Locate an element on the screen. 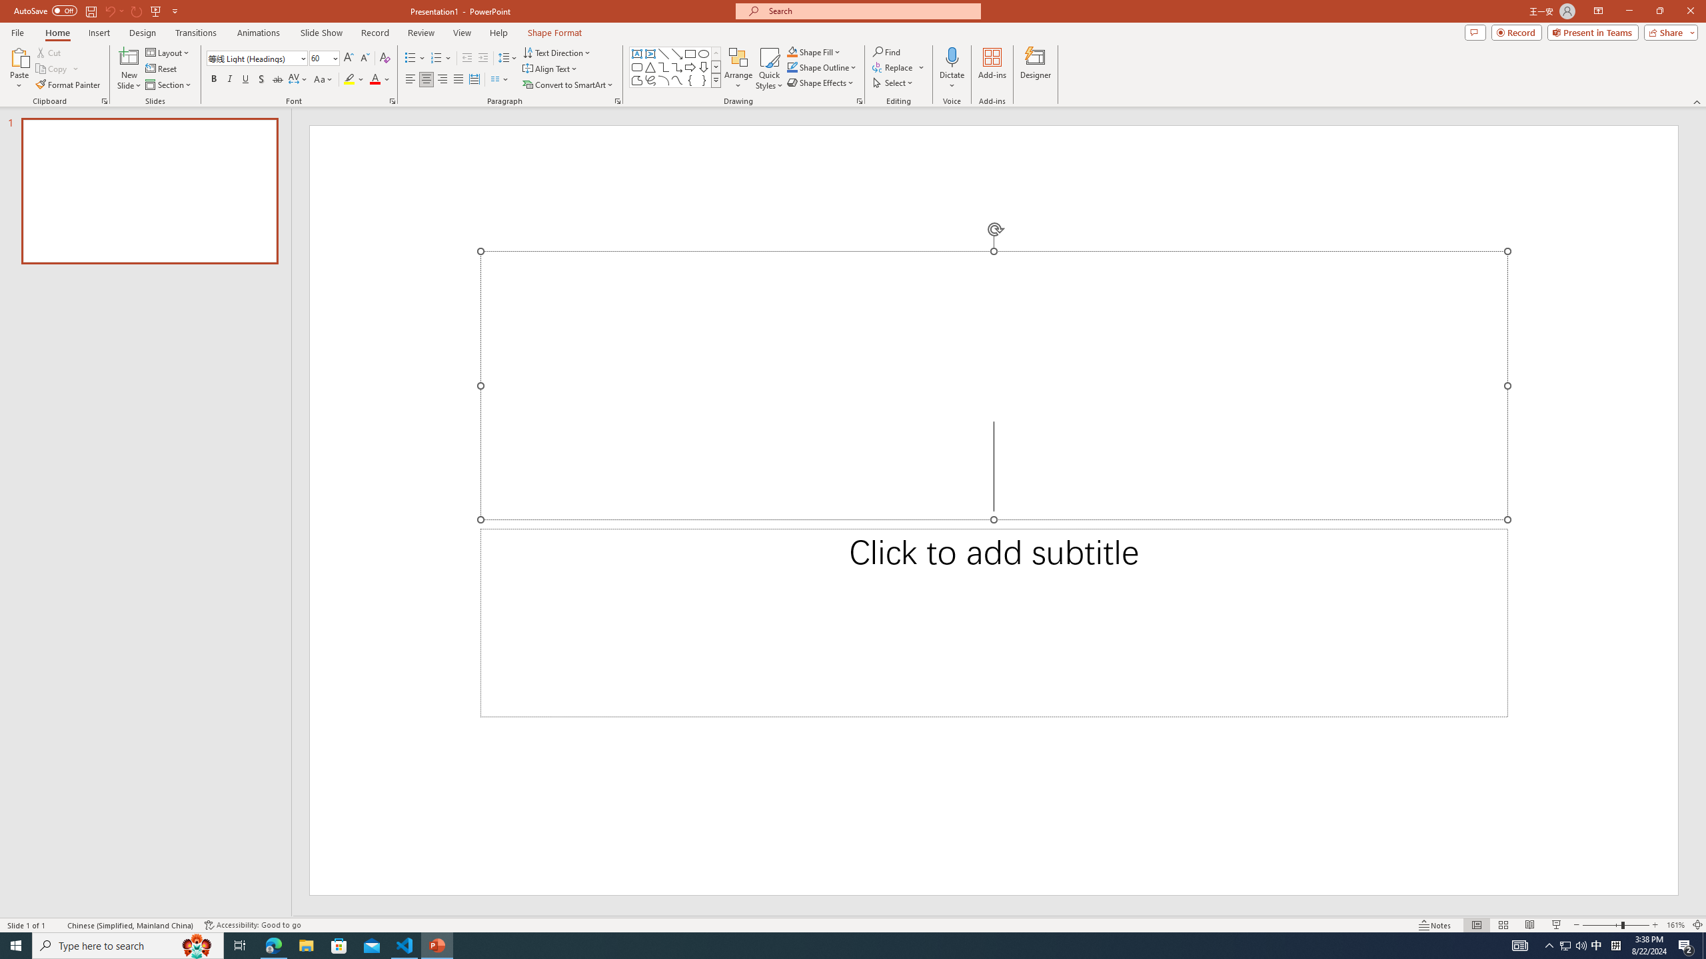 The image size is (1706, 959). 'Zoom 161%' is located at coordinates (1676, 925).